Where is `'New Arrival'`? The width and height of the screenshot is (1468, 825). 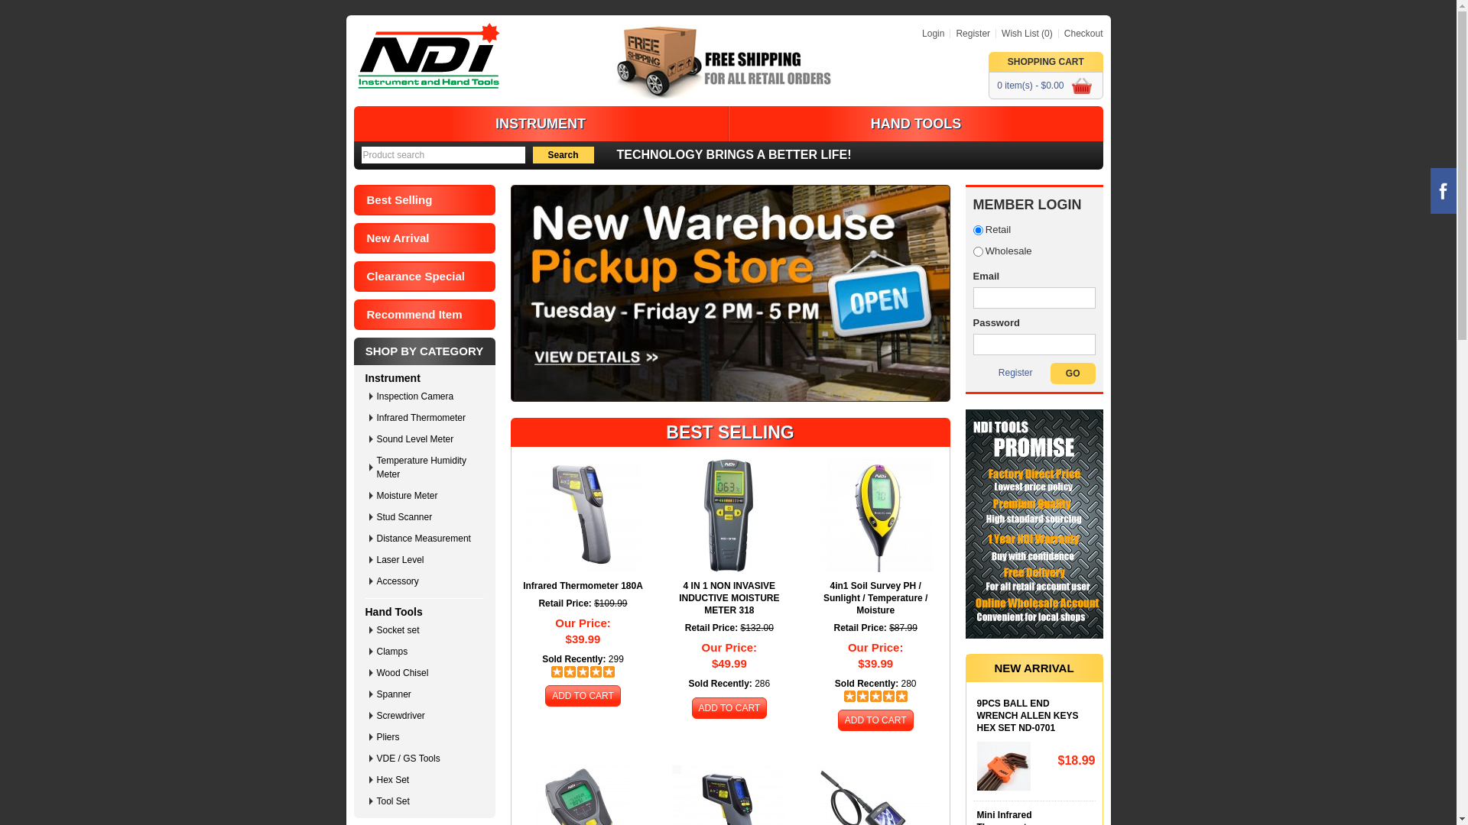 'New Arrival' is located at coordinates (424, 238).